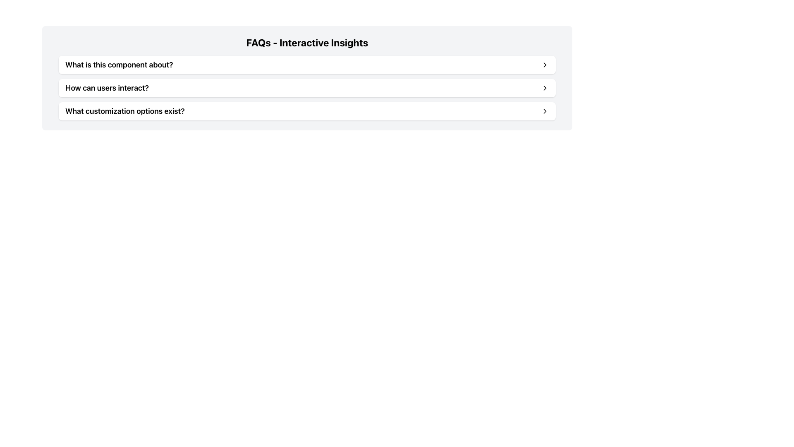 The height and width of the screenshot is (447, 794). What do you see at coordinates (545, 111) in the screenshot?
I see `the right-facing chevron icon` at bounding box center [545, 111].